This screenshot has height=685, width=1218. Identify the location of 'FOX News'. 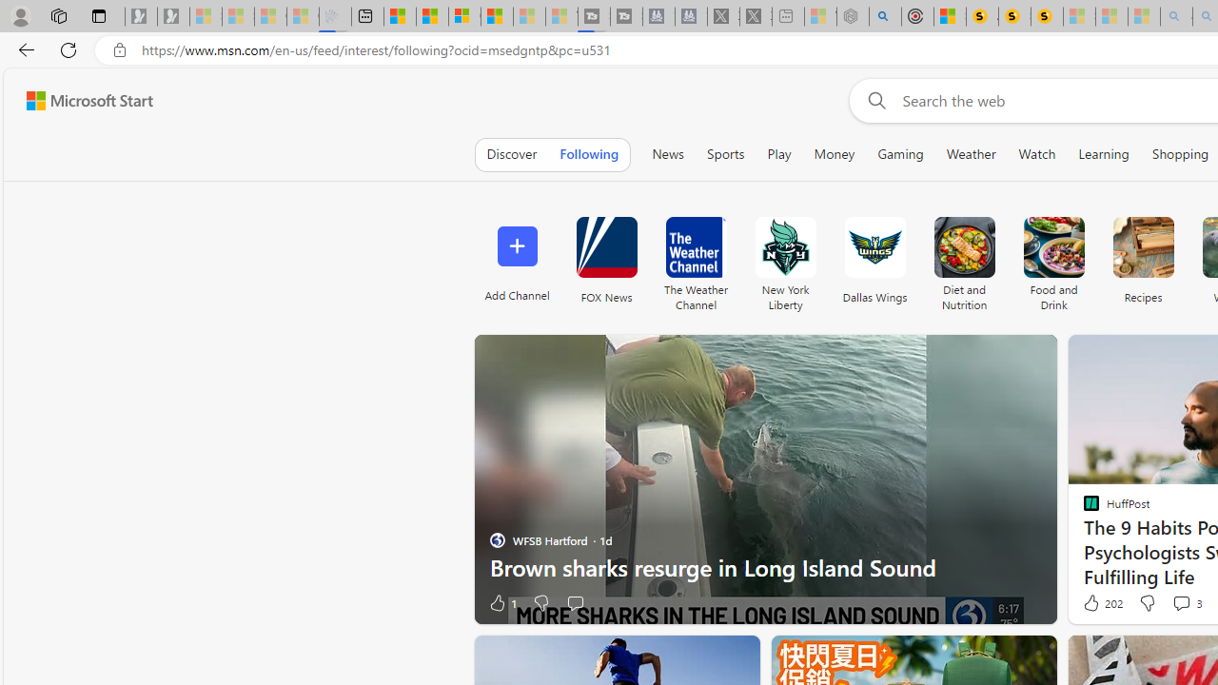
(605, 259).